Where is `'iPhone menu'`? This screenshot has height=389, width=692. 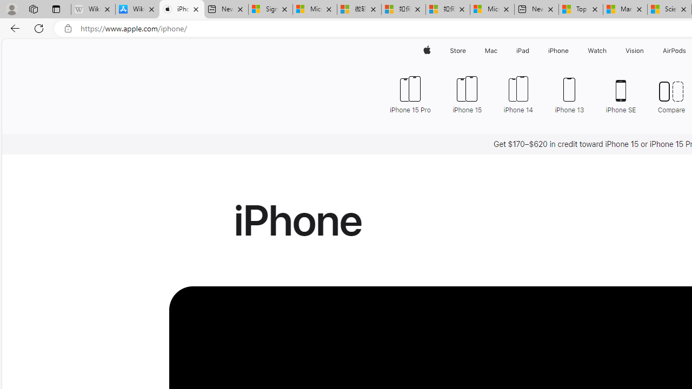 'iPhone menu' is located at coordinates (570, 50).